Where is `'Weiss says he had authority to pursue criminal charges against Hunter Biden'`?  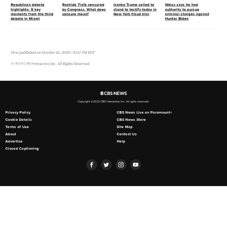 'Weiss says he had authority to pursue criminal charges against Hunter Biden' is located at coordinates (186, 11).